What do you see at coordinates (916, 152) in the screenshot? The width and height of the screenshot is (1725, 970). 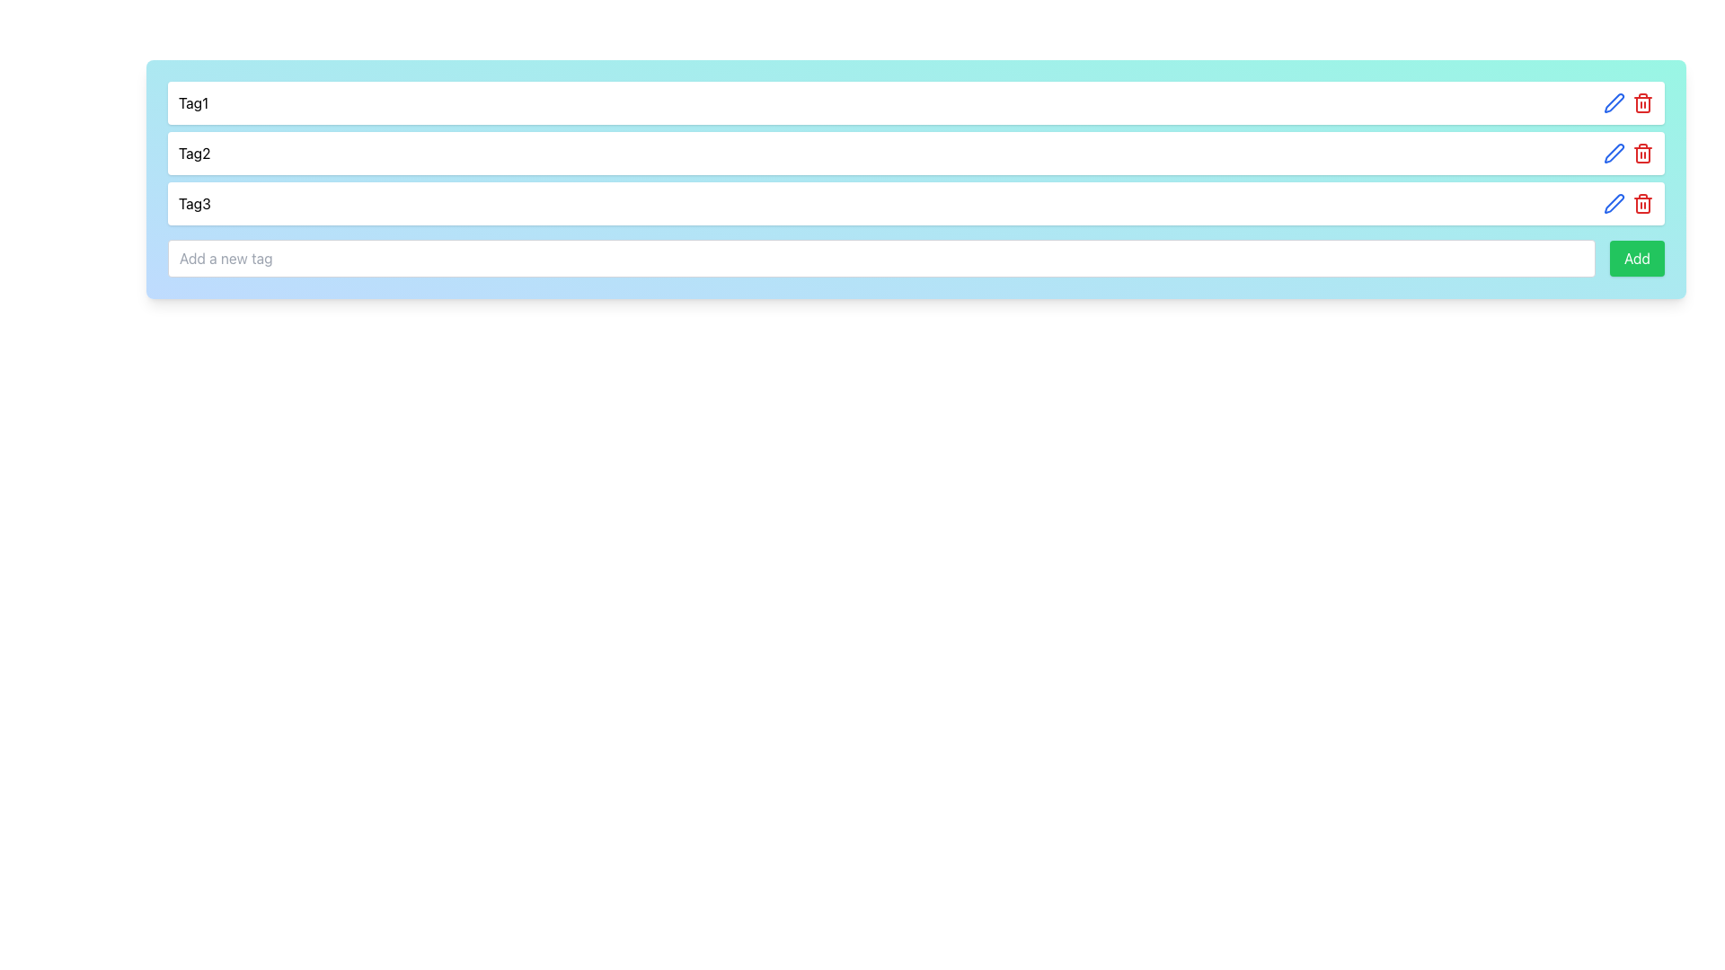 I see `the card-like UI component labeled 'Tag2', which is the second element in a vertical list of three similar cards, featuring a white background, rounded corners, and shadow effect` at bounding box center [916, 152].